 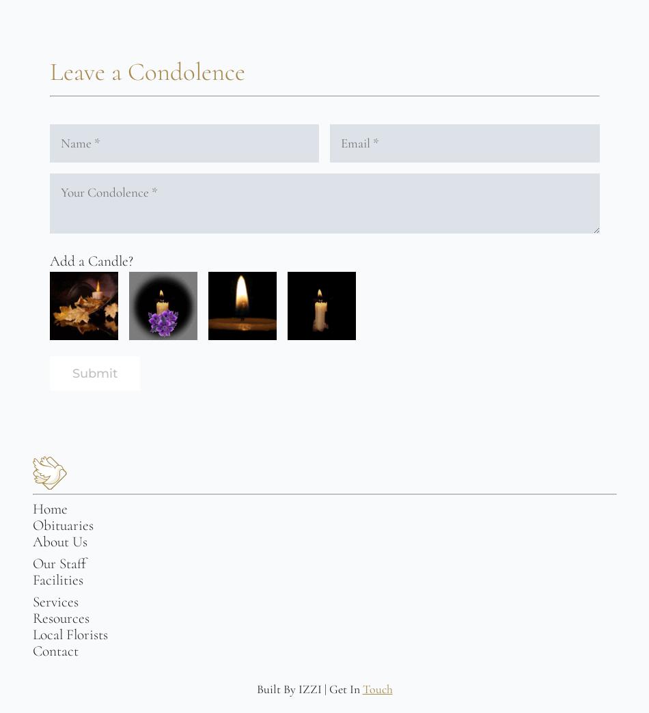 I want to click on 'Leave a Condolence', so click(x=146, y=71).